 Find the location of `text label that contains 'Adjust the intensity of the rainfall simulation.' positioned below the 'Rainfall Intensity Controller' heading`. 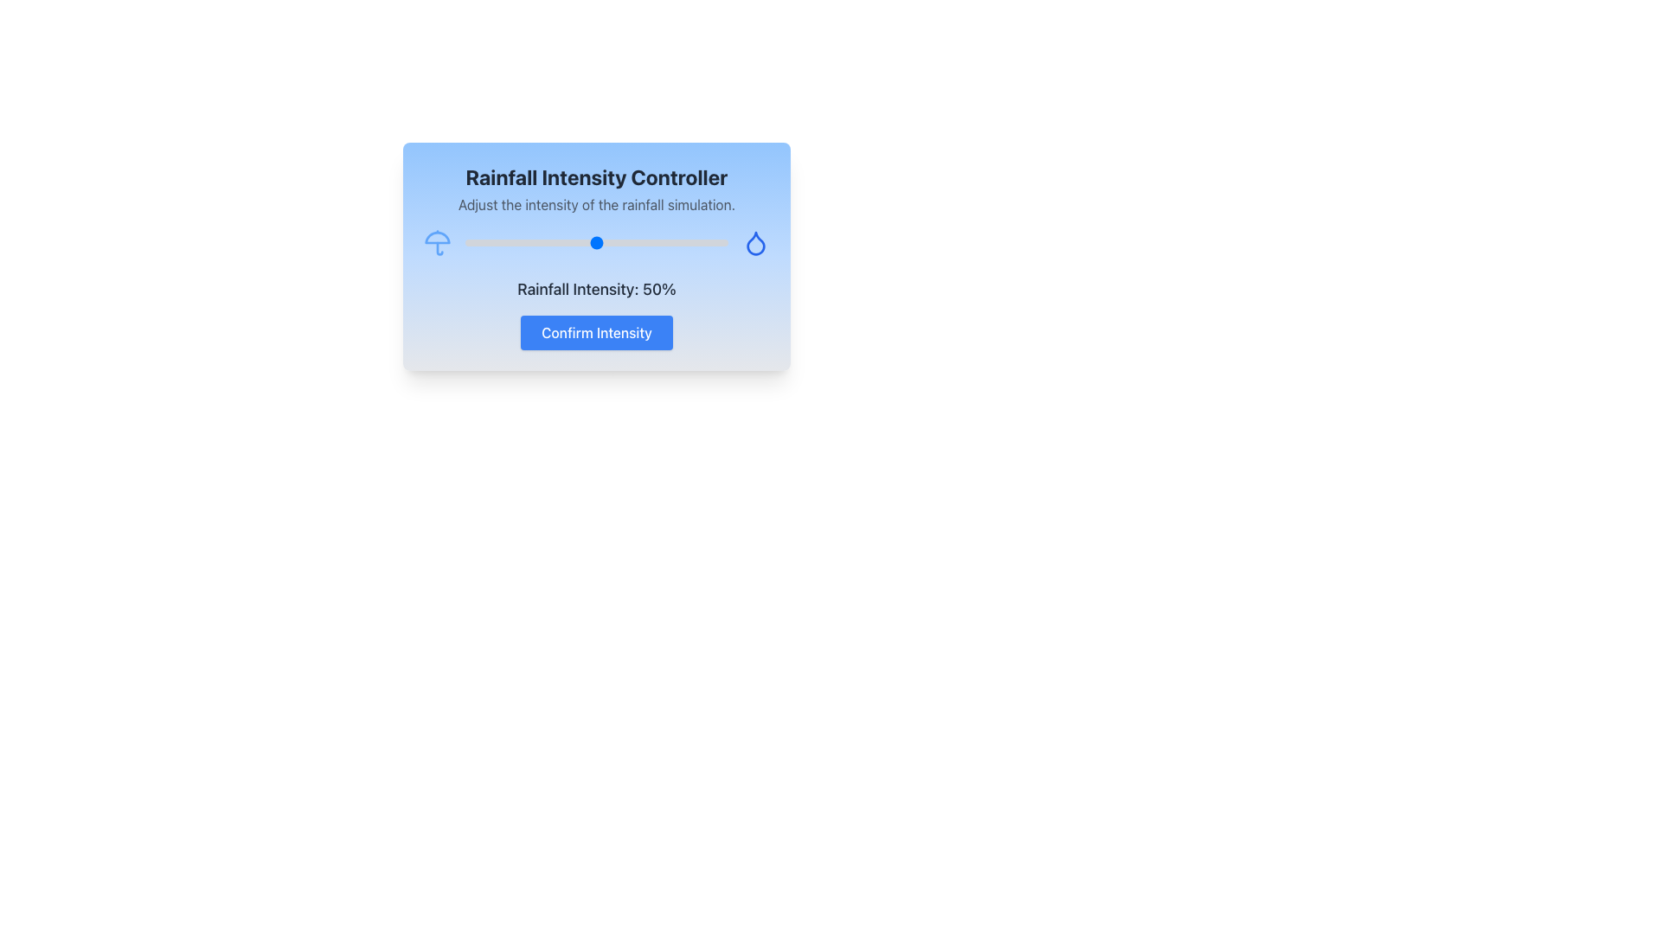

text label that contains 'Adjust the intensity of the rainfall simulation.' positioned below the 'Rainfall Intensity Controller' heading is located at coordinates (597, 203).